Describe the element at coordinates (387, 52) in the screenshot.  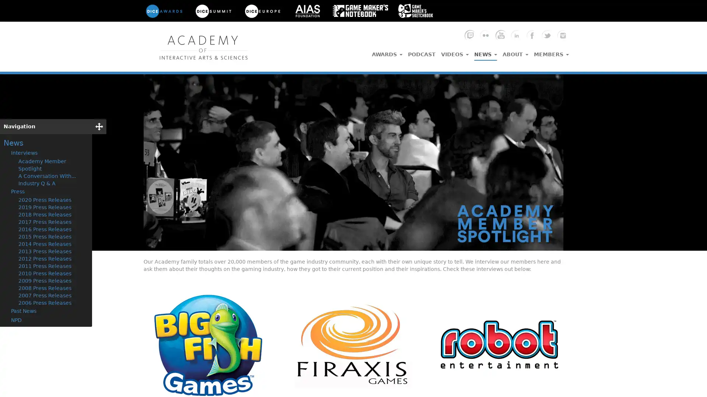
I see `AWARDS` at that location.